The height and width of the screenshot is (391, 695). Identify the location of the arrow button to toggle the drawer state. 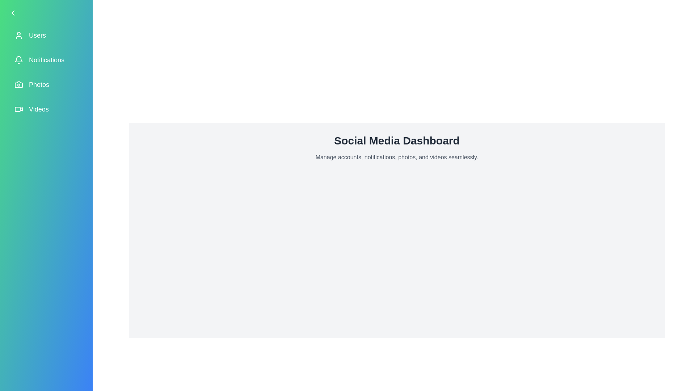
(13, 13).